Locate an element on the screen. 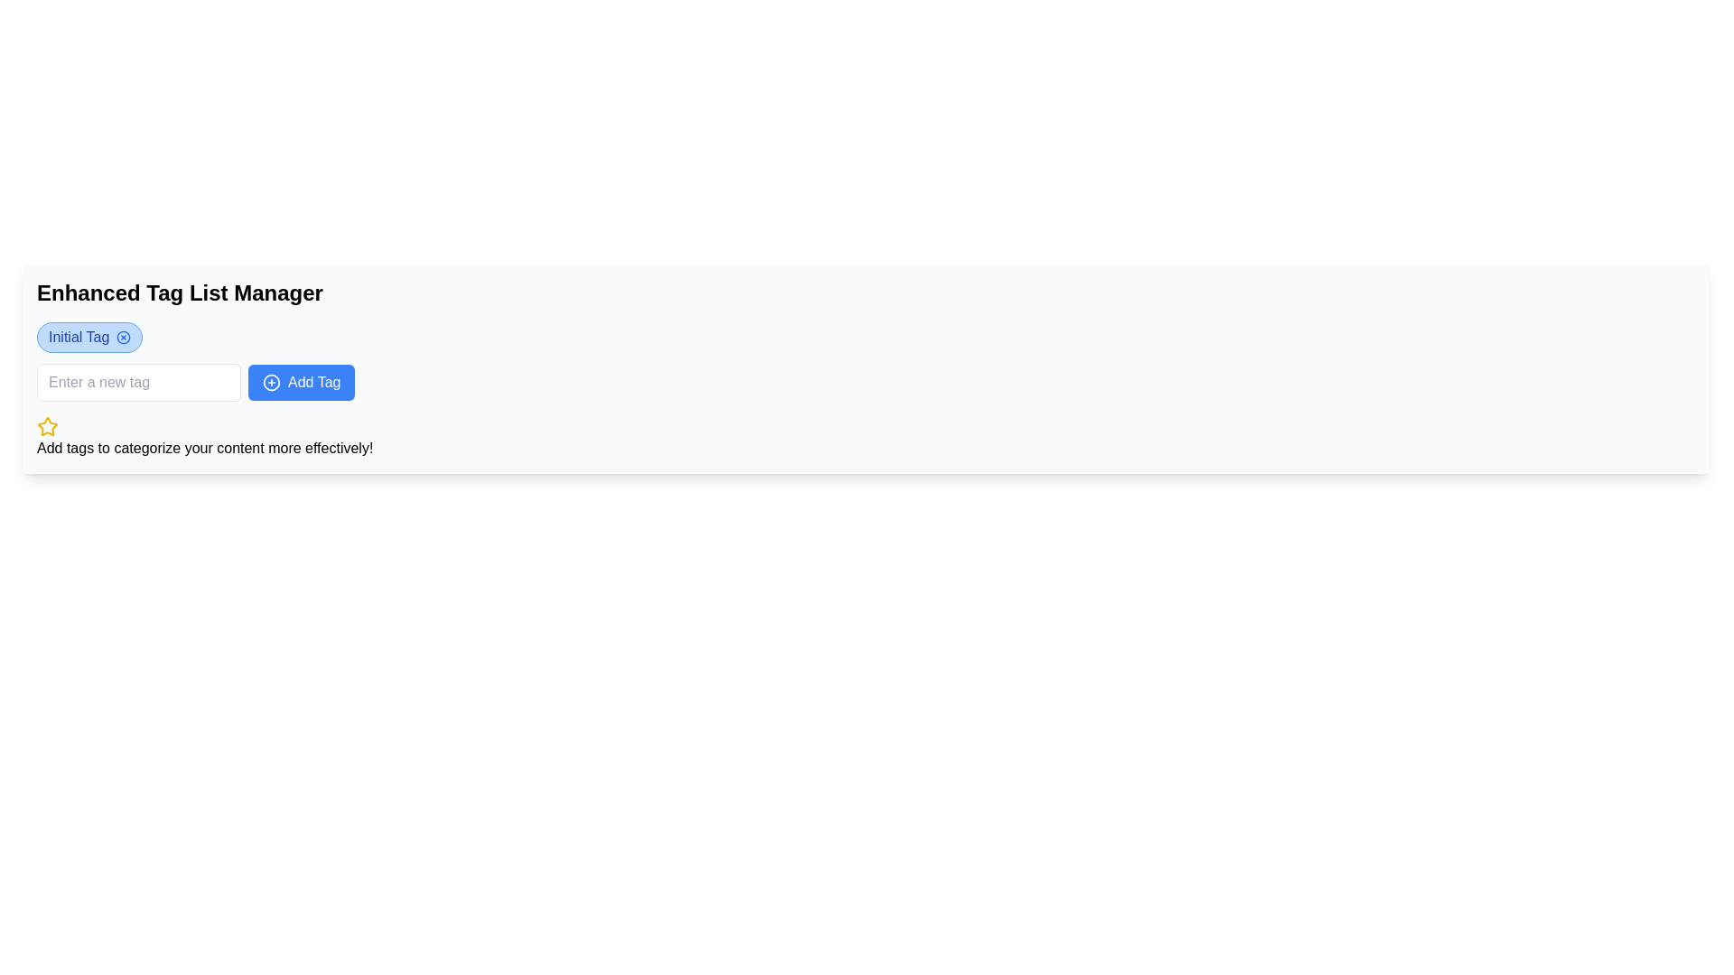  the Text Label that displays the name or value of a tag, located inside a rounded, light-blue background, positioned to the left of a circular close icon is located at coordinates (78, 338).